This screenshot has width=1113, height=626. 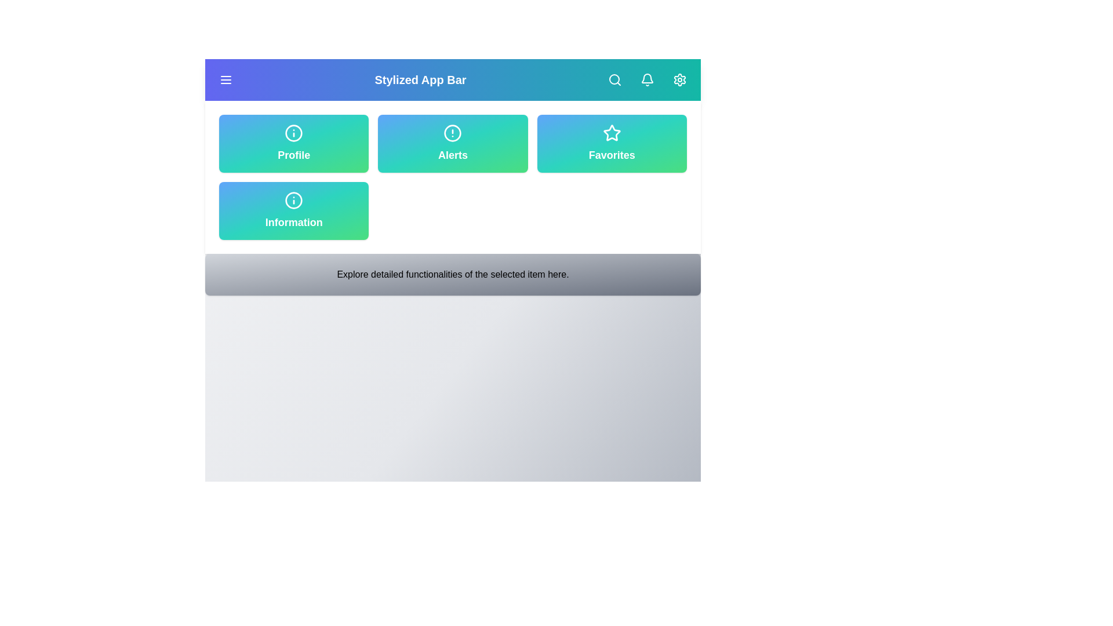 What do you see at coordinates (452, 275) in the screenshot?
I see `the detailed functionalities section to interact with it` at bounding box center [452, 275].